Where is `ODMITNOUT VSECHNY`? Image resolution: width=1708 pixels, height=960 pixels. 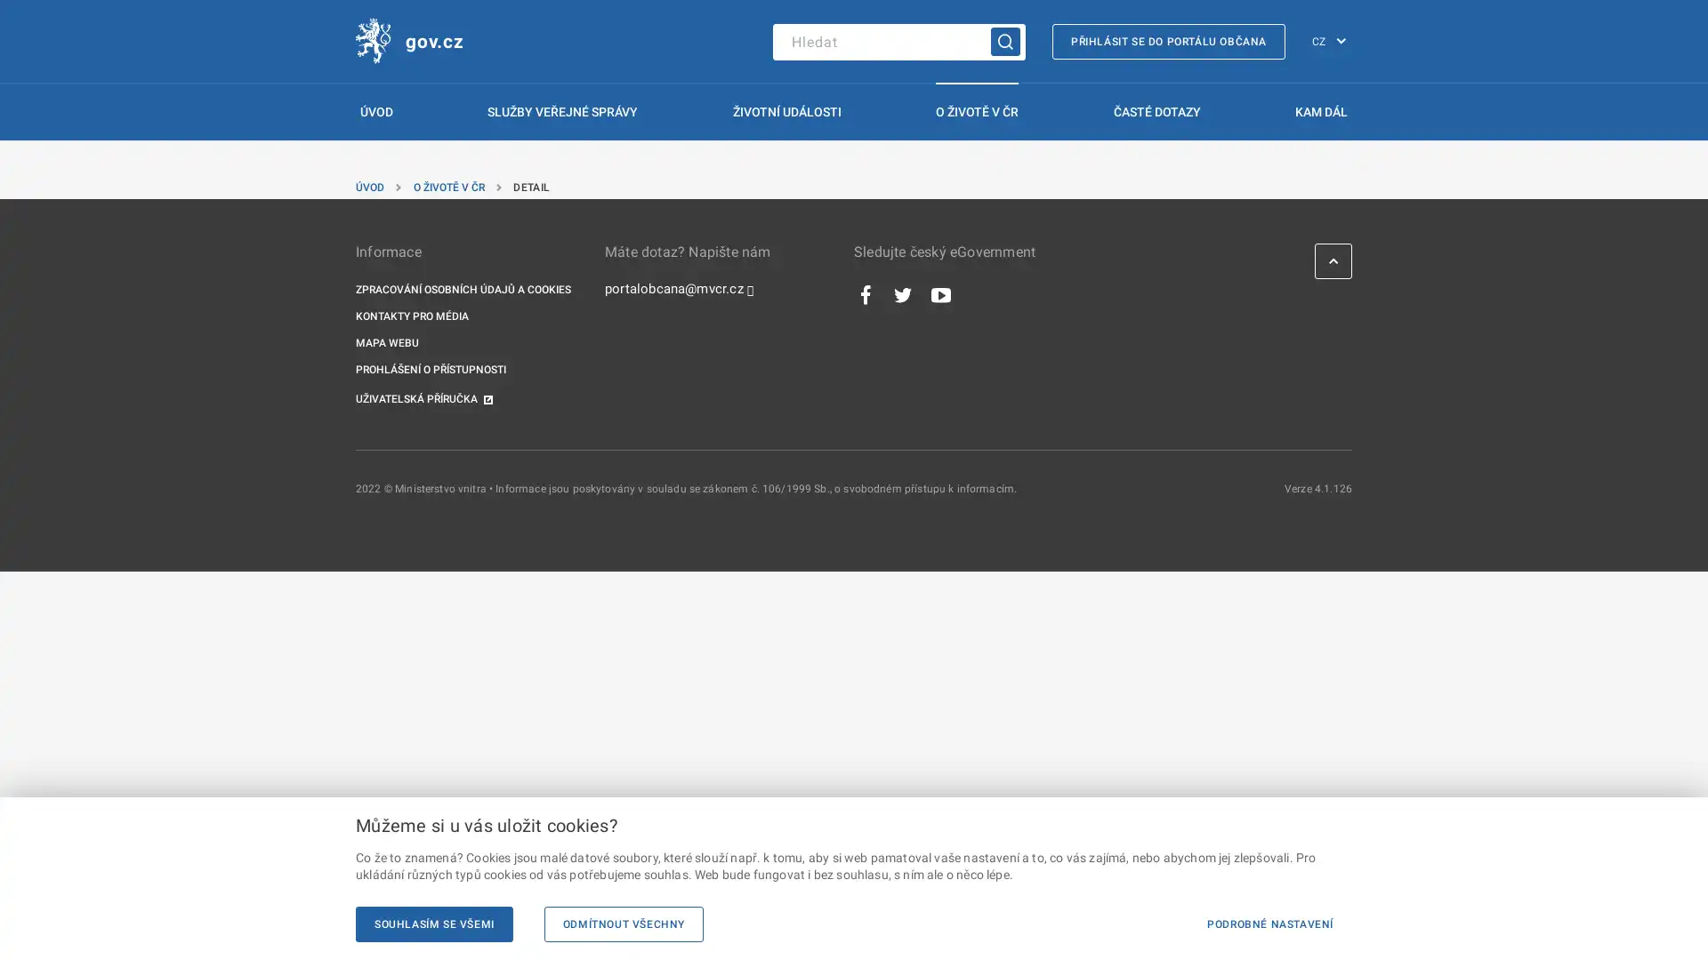
ODMITNOUT VSECHNY is located at coordinates (623, 924).